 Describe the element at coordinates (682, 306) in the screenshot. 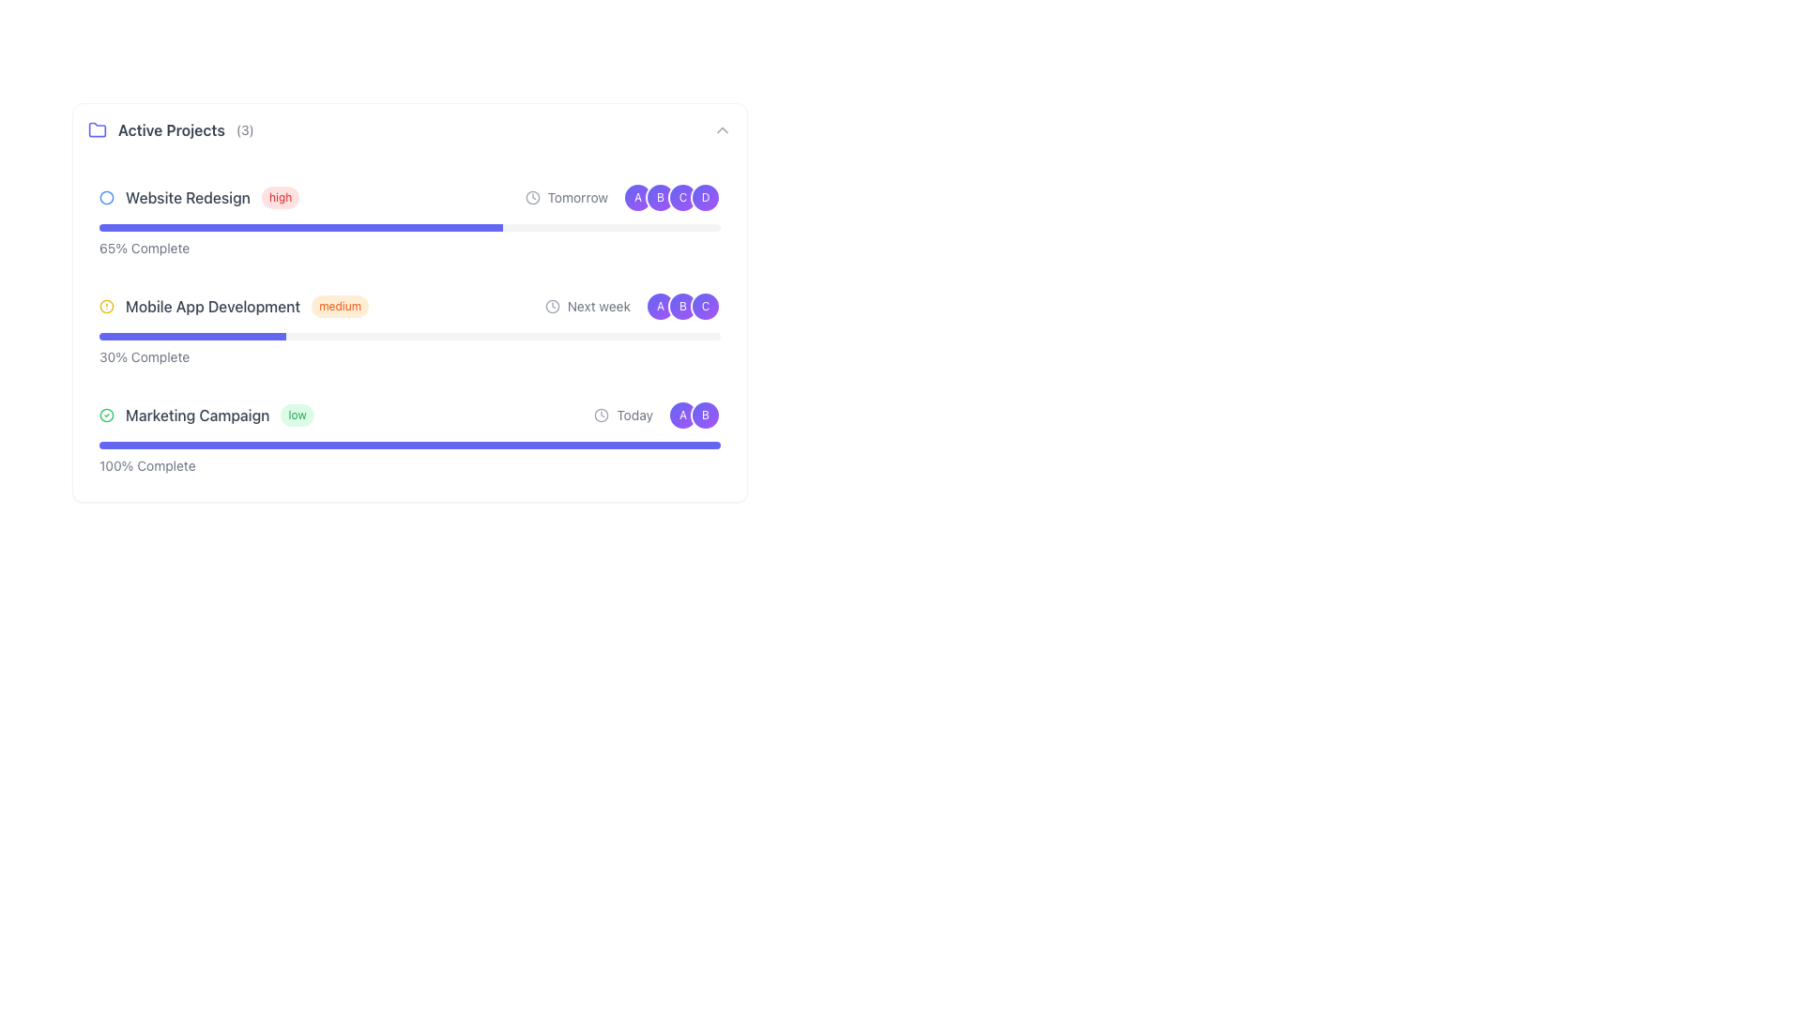

I see `an individual avatar indicator badge representing a team member for the 'Mobile App Development' project` at that location.